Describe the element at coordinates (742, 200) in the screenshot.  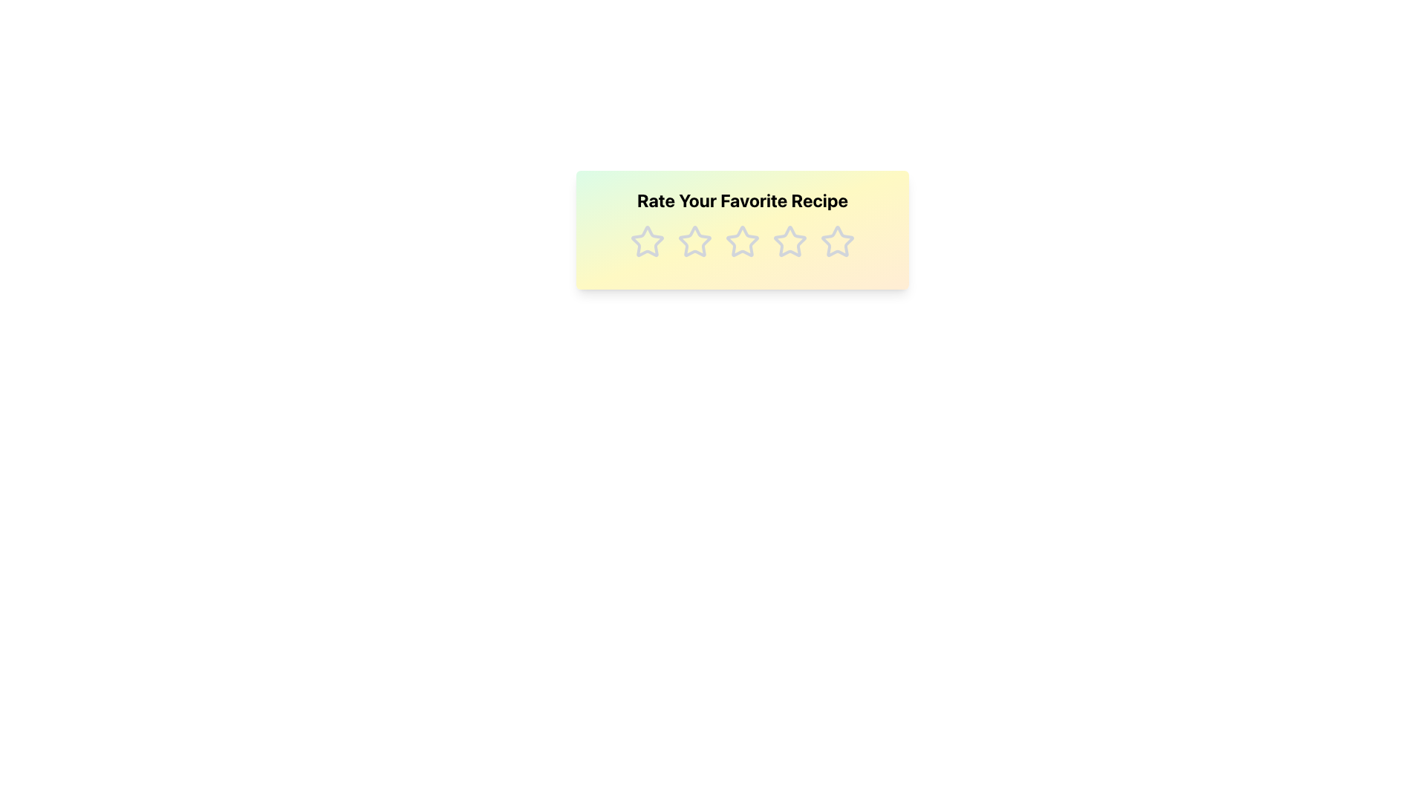
I see `text from the bold, large header that says 'Rate Your Favorite Recipe', which is centered above a row of stars in the UI` at that location.